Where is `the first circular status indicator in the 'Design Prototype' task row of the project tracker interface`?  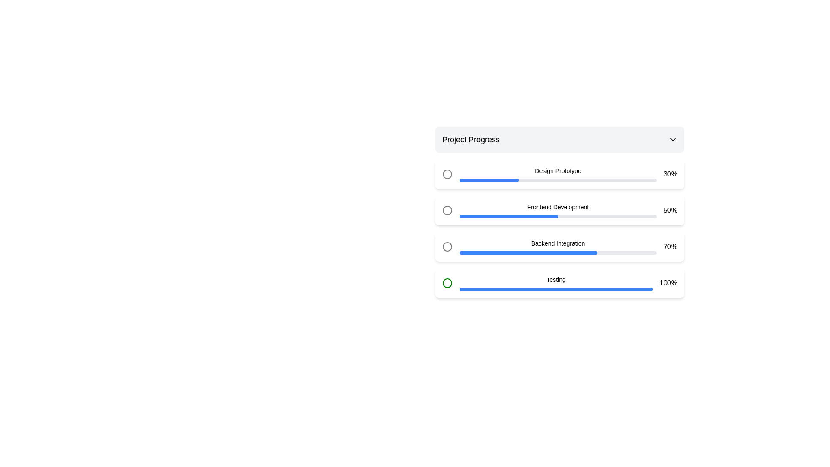
the first circular status indicator in the 'Design Prototype' task row of the project tracker interface is located at coordinates (447, 174).